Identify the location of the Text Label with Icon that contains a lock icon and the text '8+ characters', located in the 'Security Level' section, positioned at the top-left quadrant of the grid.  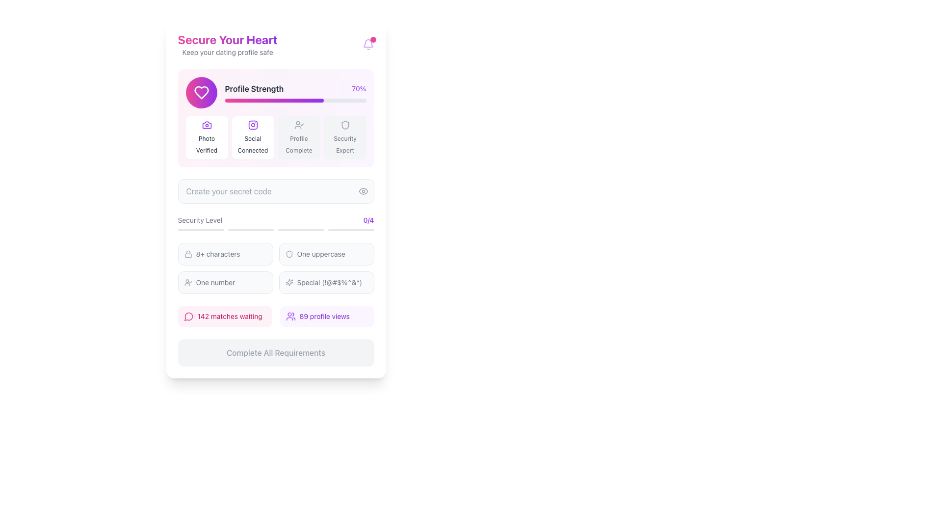
(225, 253).